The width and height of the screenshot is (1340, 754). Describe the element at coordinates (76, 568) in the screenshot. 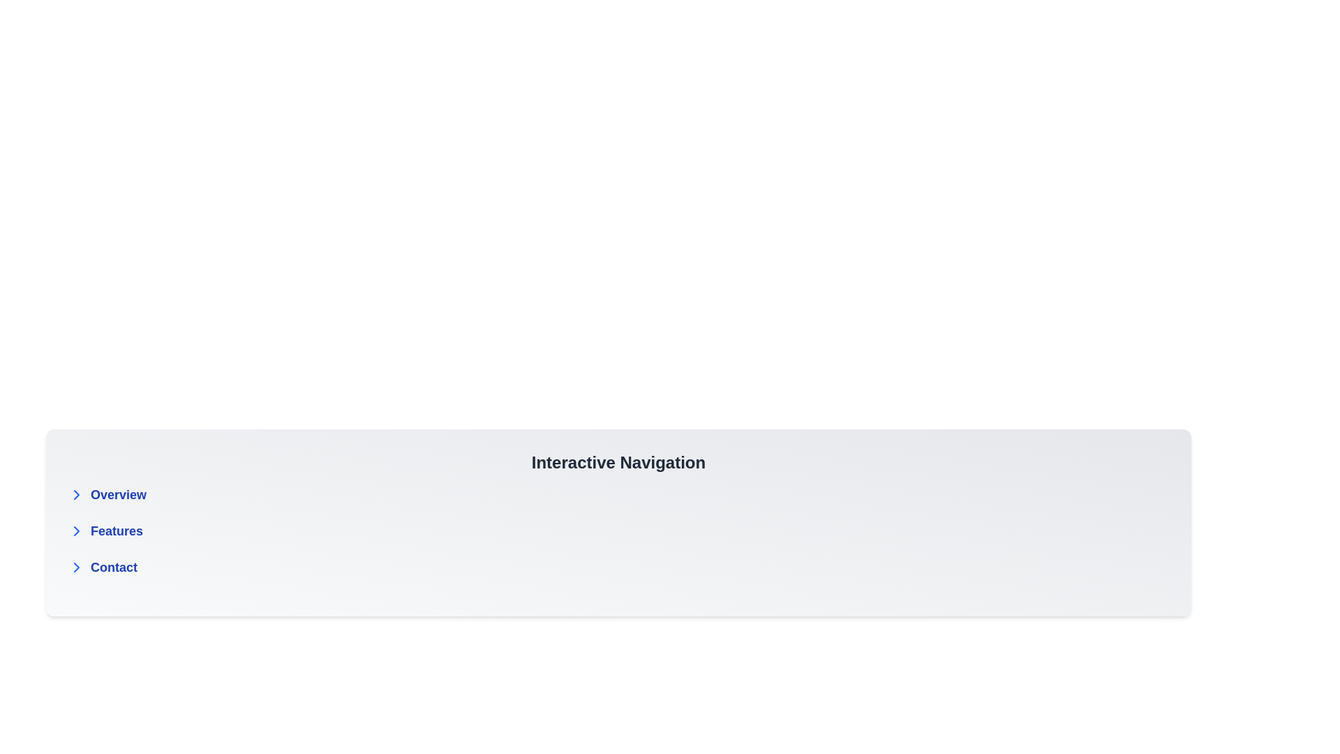

I see `the icon that indicates the 'Contact' text is clickable, located to the left of the 'Contact' label in the navigation items` at that location.